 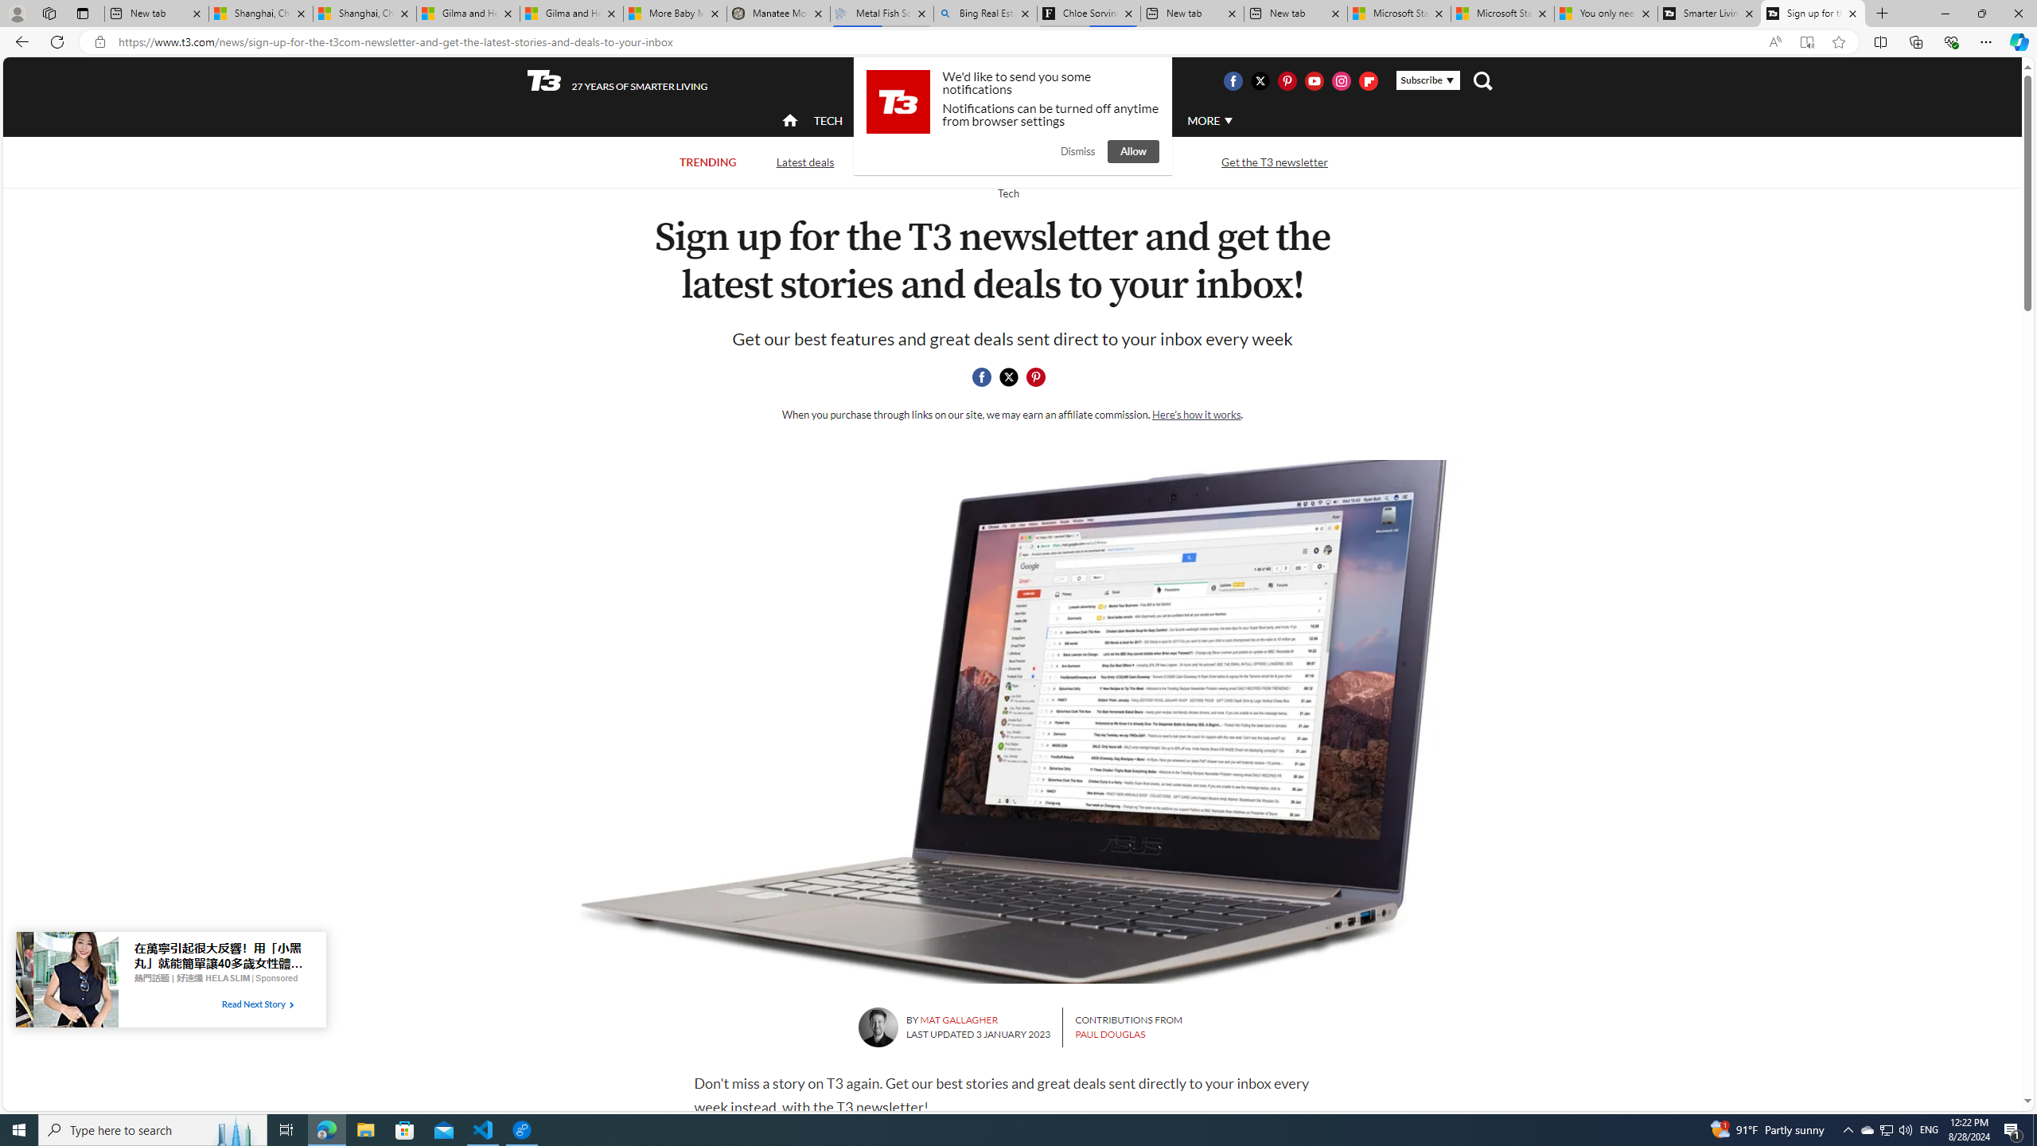 What do you see at coordinates (1077, 150) in the screenshot?
I see `'Dismiss'` at bounding box center [1077, 150].